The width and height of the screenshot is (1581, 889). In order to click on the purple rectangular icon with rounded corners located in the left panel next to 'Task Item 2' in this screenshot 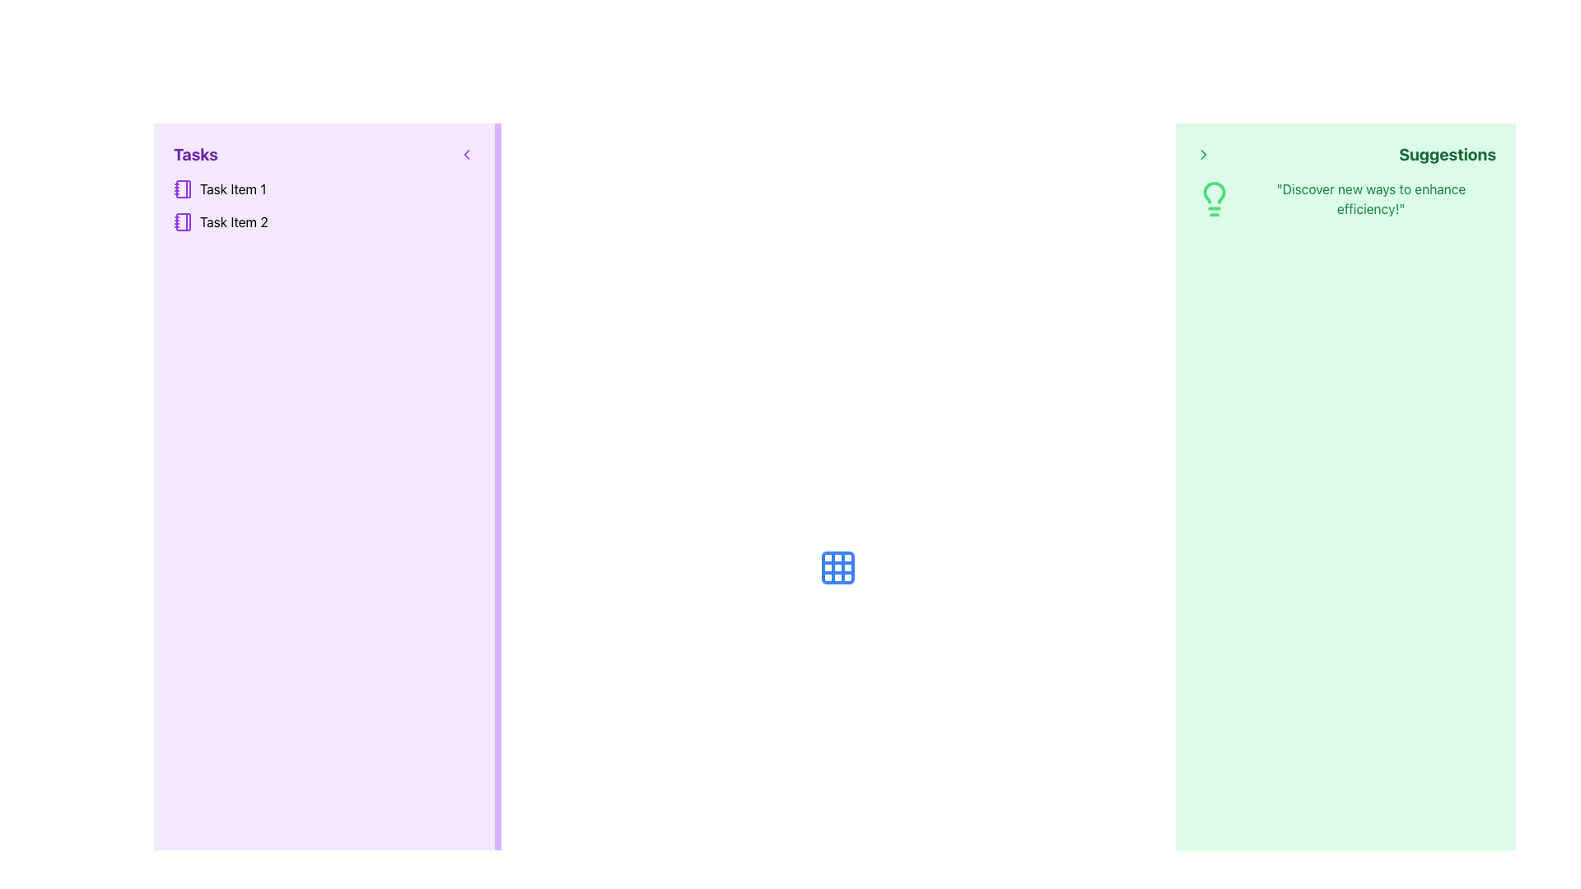, I will do `click(183, 222)`.